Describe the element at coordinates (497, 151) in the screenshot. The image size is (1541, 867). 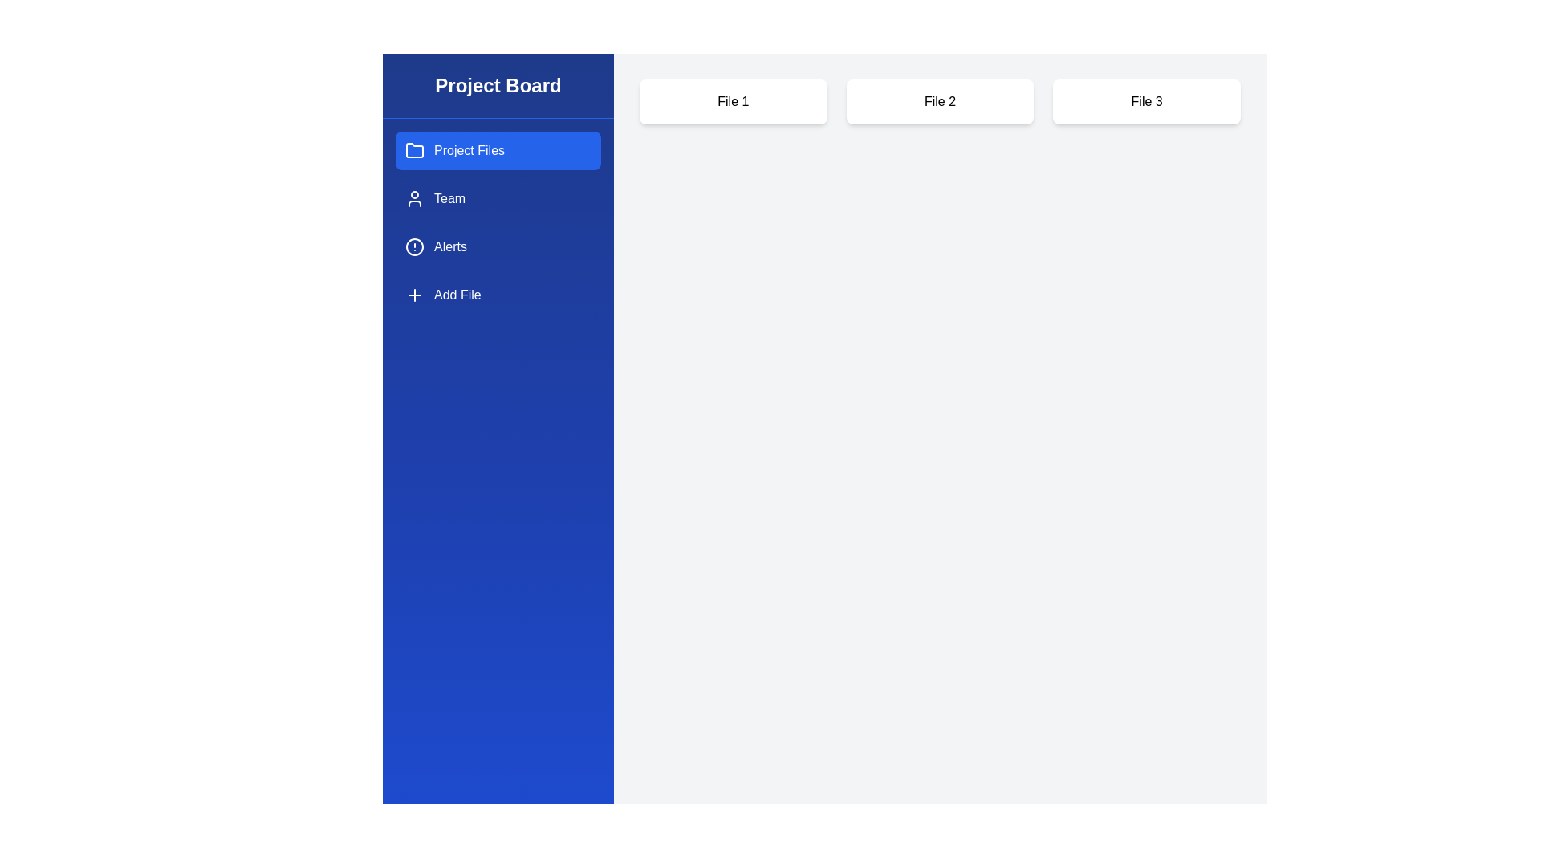
I see `the 'Project Files' navigation button, which is the first option` at that location.